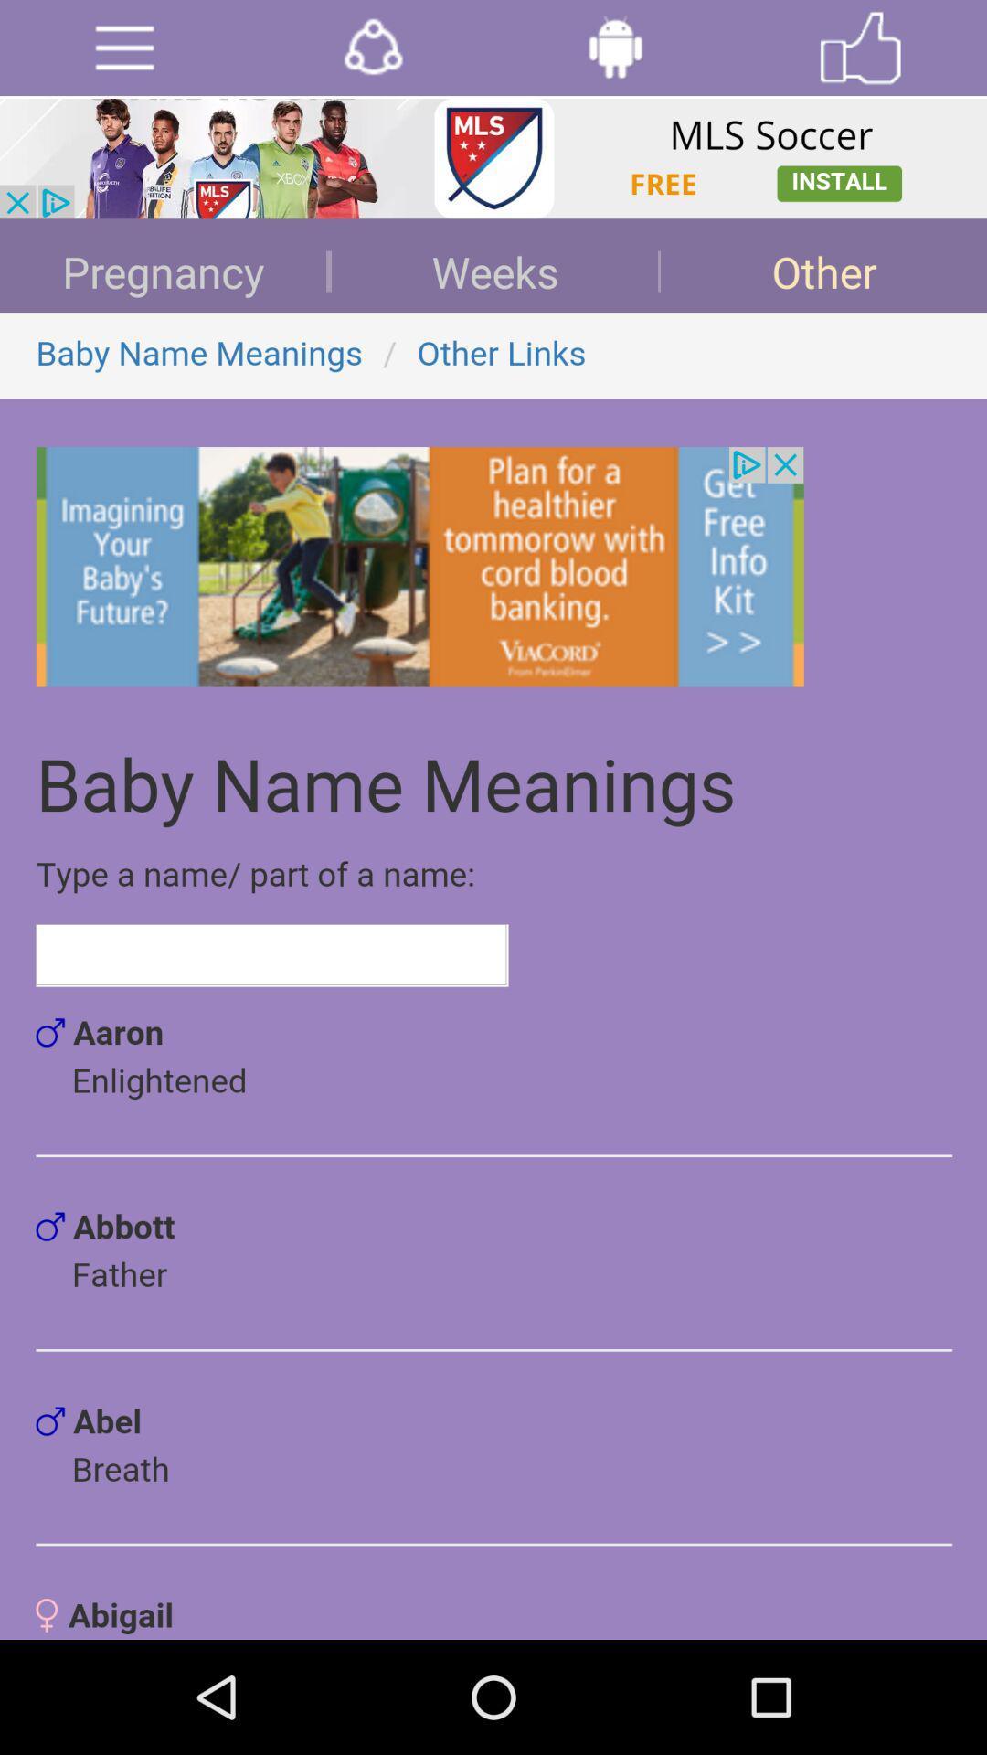 The height and width of the screenshot is (1755, 987). Describe the element at coordinates (493, 158) in the screenshot. I see `advertising partner` at that location.